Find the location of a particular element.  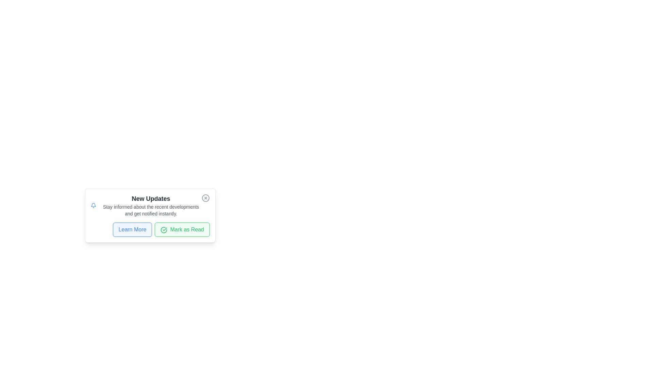

the confirmation icon located to the left of the 'Mark as Read' text within the green-bordered button in the bottom-right quadrant of the UI is located at coordinates (164, 230).